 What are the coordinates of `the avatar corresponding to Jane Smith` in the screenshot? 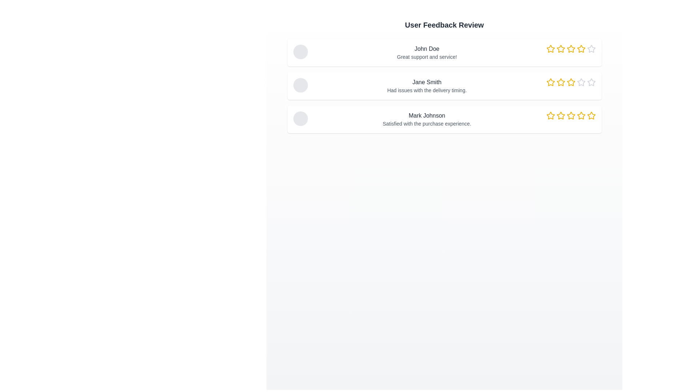 It's located at (300, 85).